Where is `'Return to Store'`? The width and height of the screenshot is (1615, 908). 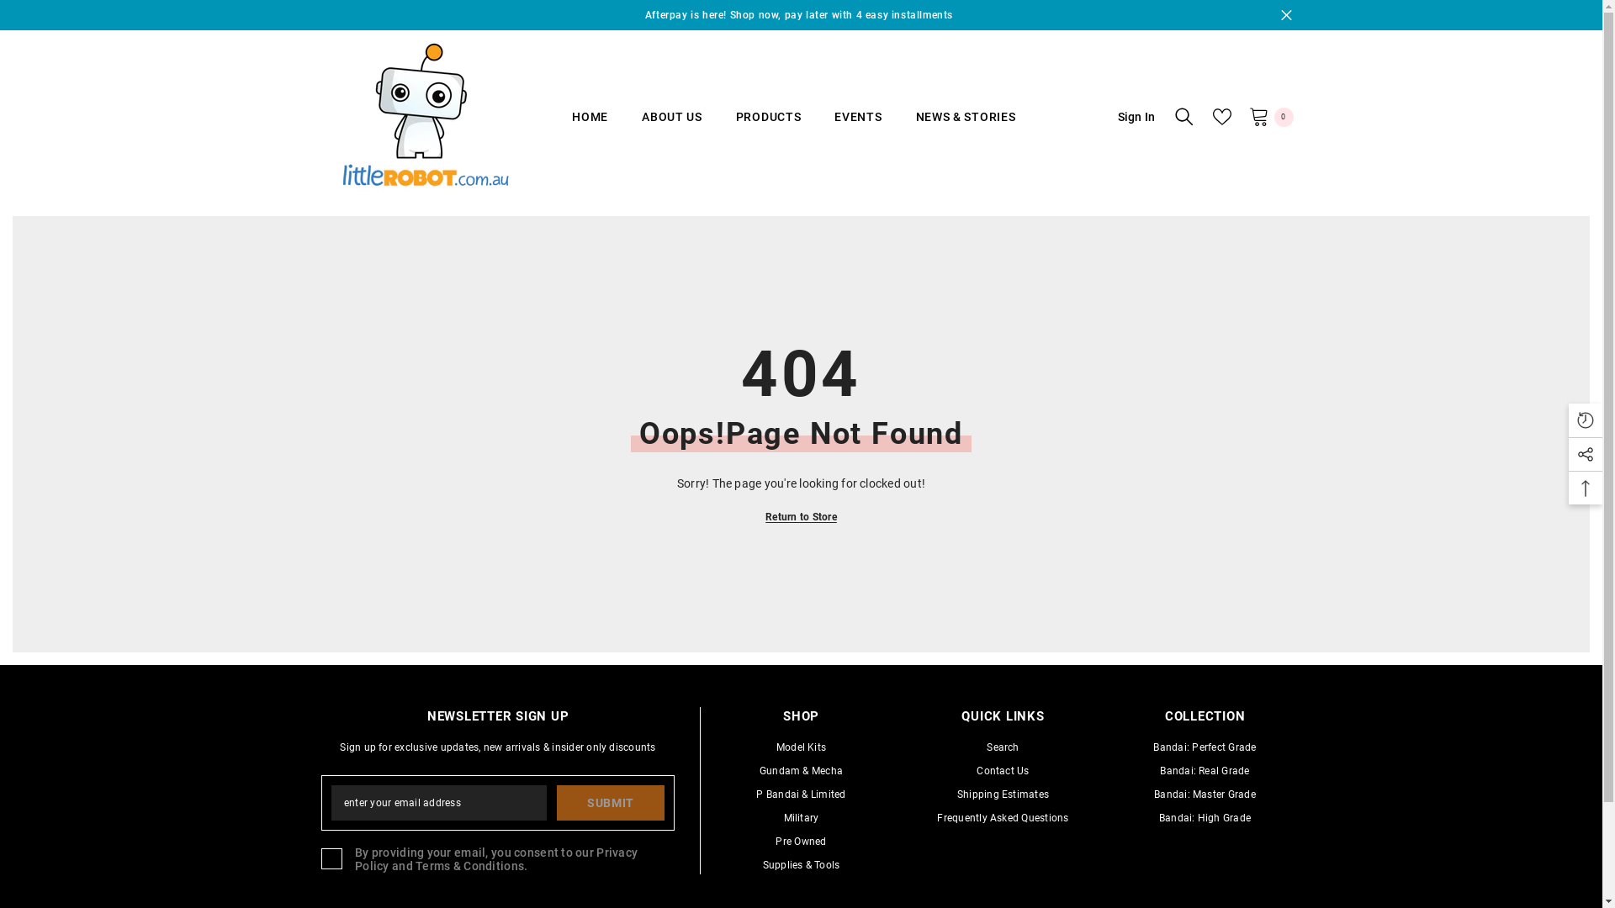
'Return to Store' is located at coordinates (800, 515).